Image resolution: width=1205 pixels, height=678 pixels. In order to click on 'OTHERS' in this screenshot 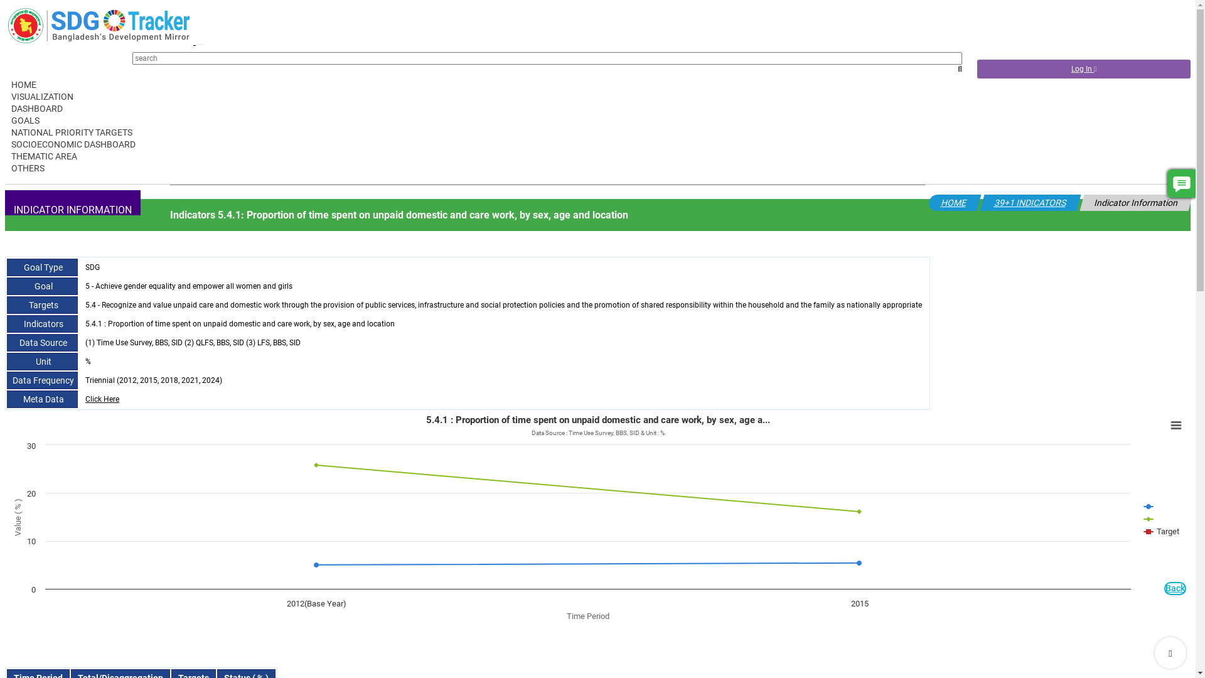, I will do `click(5, 167)`.